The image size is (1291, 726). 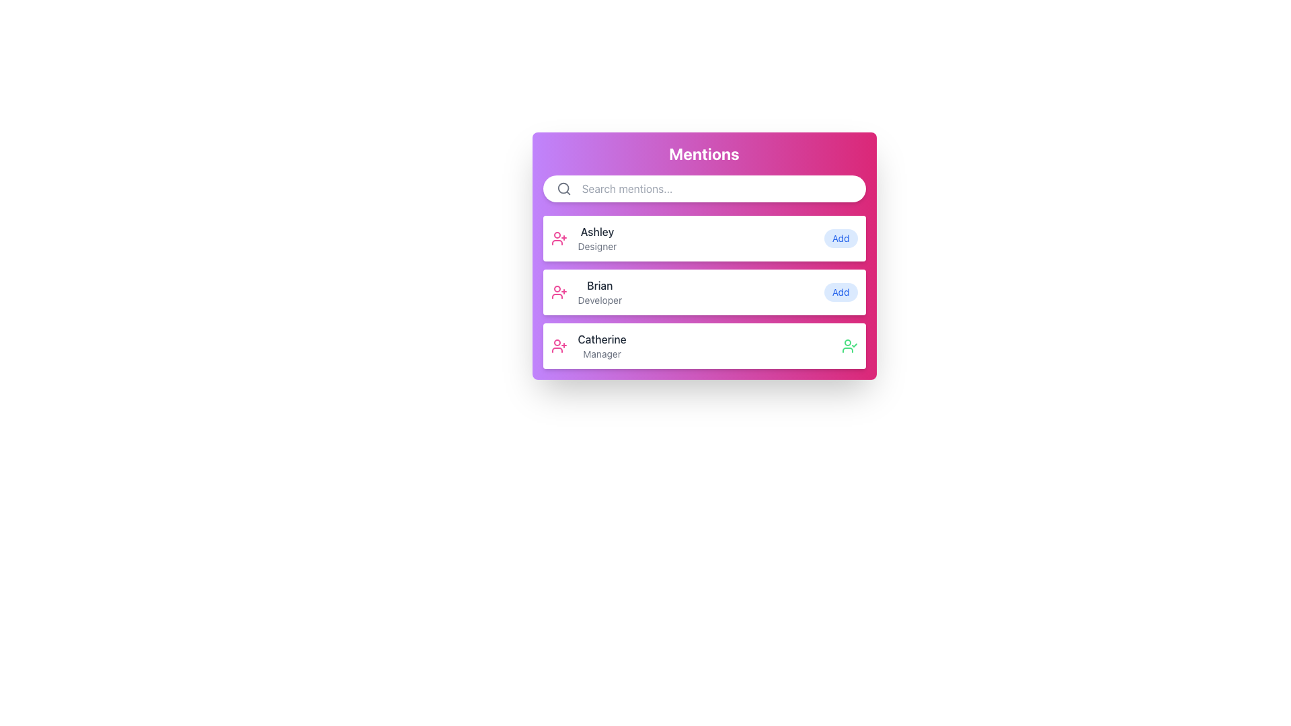 What do you see at coordinates (601, 354) in the screenshot?
I see `the text label displaying 'Manager' located below 'Catherine' in the third row of the 'Mentions' interface` at bounding box center [601, 354].